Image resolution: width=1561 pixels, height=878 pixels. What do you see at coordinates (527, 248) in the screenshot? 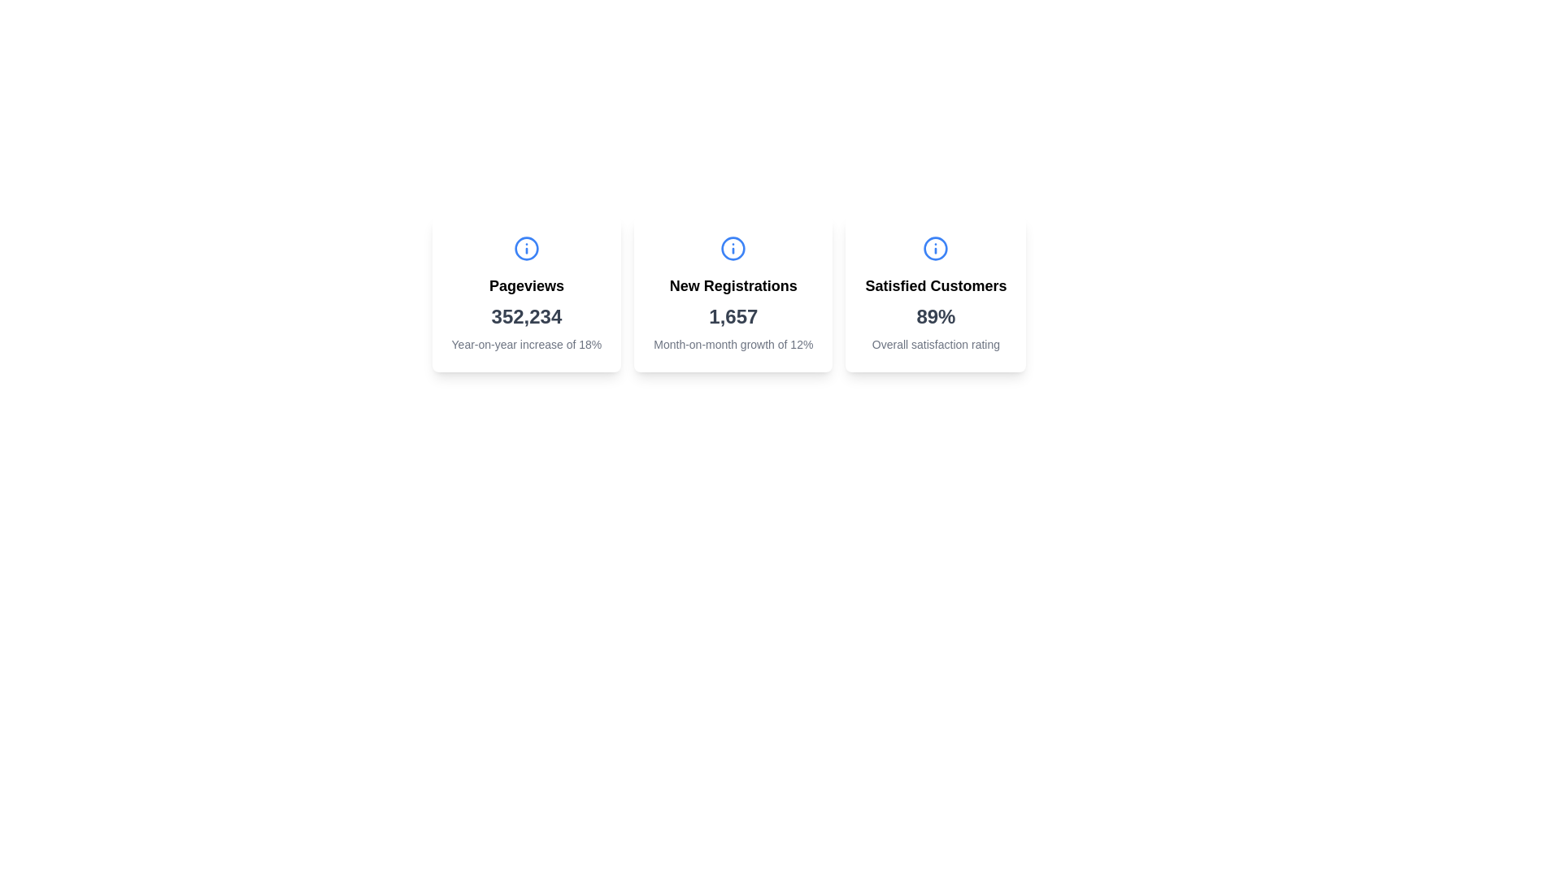
I see `the hollow circular graphic with a light blue border located within the information symbol icon at the top of the leftmost card` at bounding box center [527, 248].